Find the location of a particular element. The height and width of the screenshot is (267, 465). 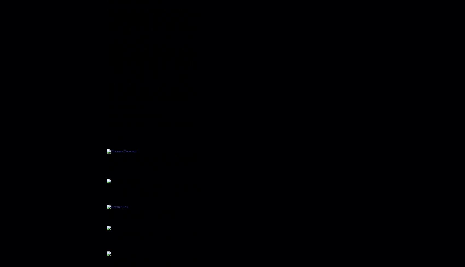

'Great thinking from some fine people...' is located at coordinates (136, 138).